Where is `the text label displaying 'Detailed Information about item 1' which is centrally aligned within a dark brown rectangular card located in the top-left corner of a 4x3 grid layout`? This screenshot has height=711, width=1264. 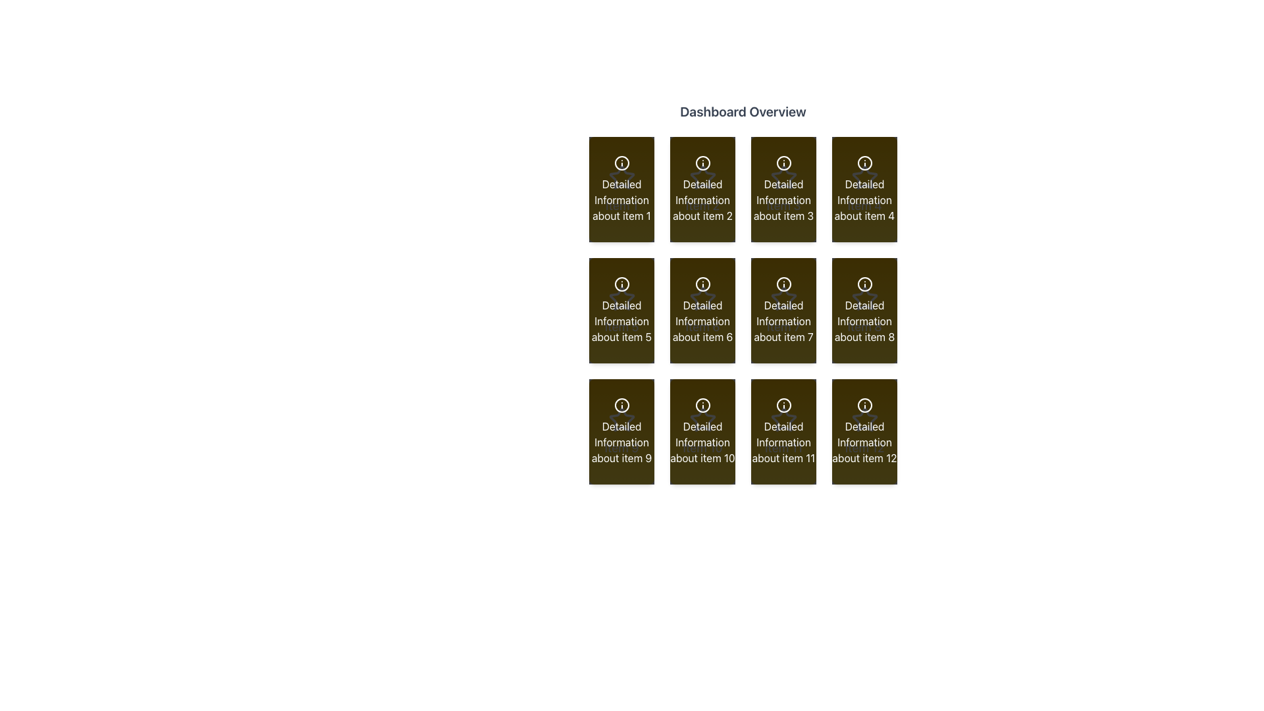
the text label displaying 'Detailed Information about item 1' which is centrally aligned within a dark brown rectangular card located in the top-left corner of a 4x3 grid layout is located at coordinates (621, 200).